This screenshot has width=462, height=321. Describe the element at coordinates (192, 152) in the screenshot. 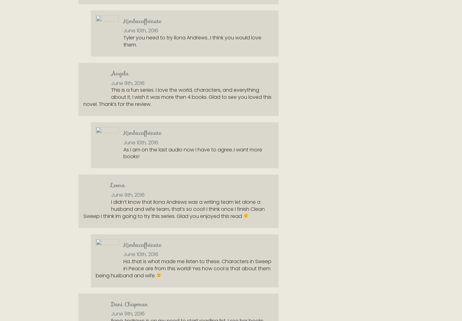

I see `'As I am on the last audio now I have to agree..I want more books!'` at that location.